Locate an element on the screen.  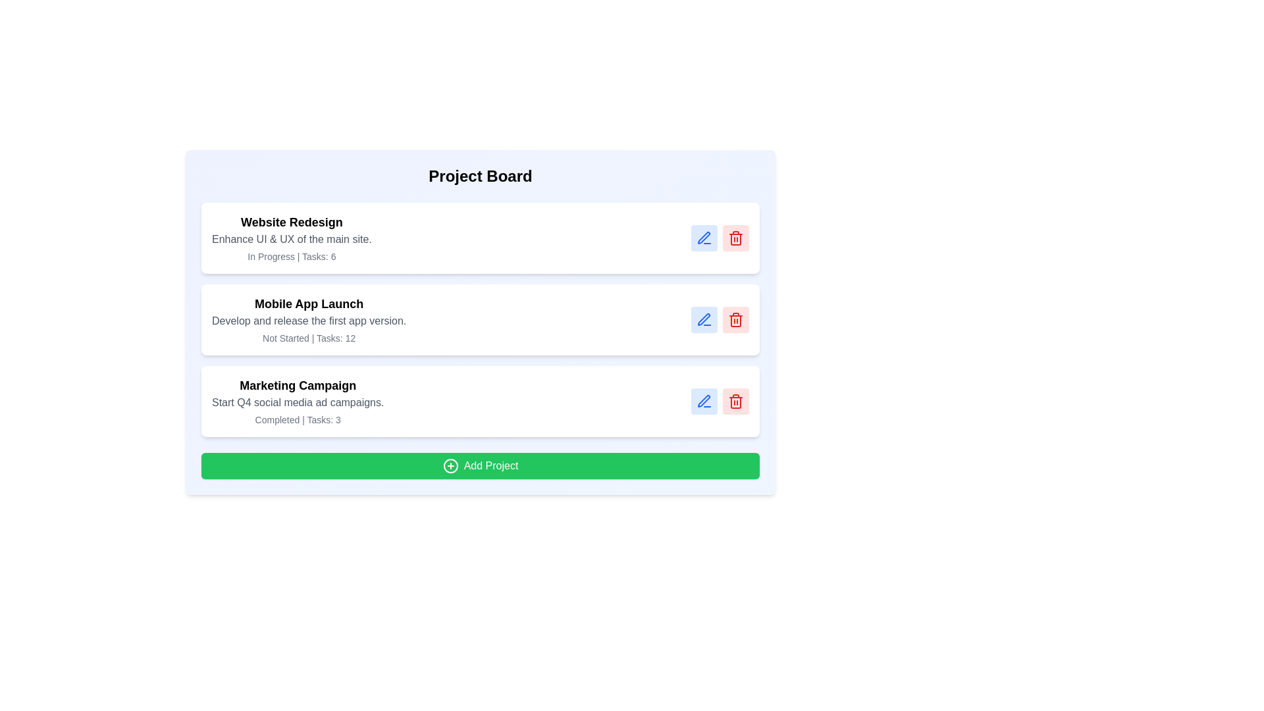
the delete button for the Website Redesign project is located at coordinates (735, 238).